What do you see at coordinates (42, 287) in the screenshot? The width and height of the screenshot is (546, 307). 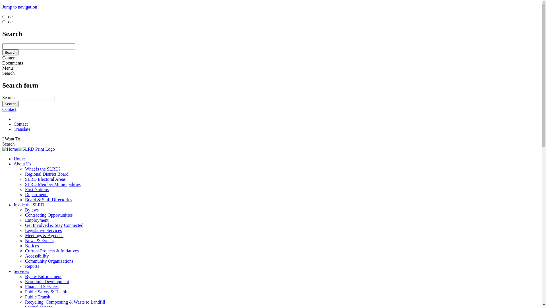 I see `'Financial Services'` at bounding box center [42, 287].